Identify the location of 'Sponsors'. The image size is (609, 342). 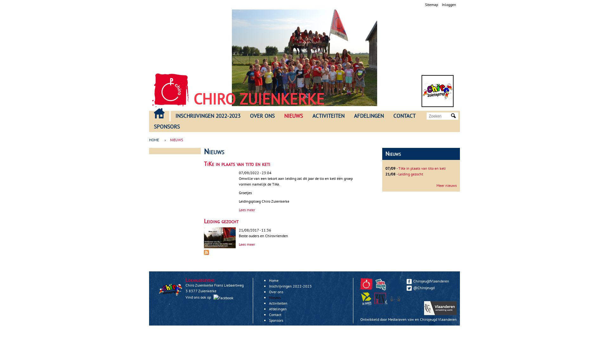
(276, 320).